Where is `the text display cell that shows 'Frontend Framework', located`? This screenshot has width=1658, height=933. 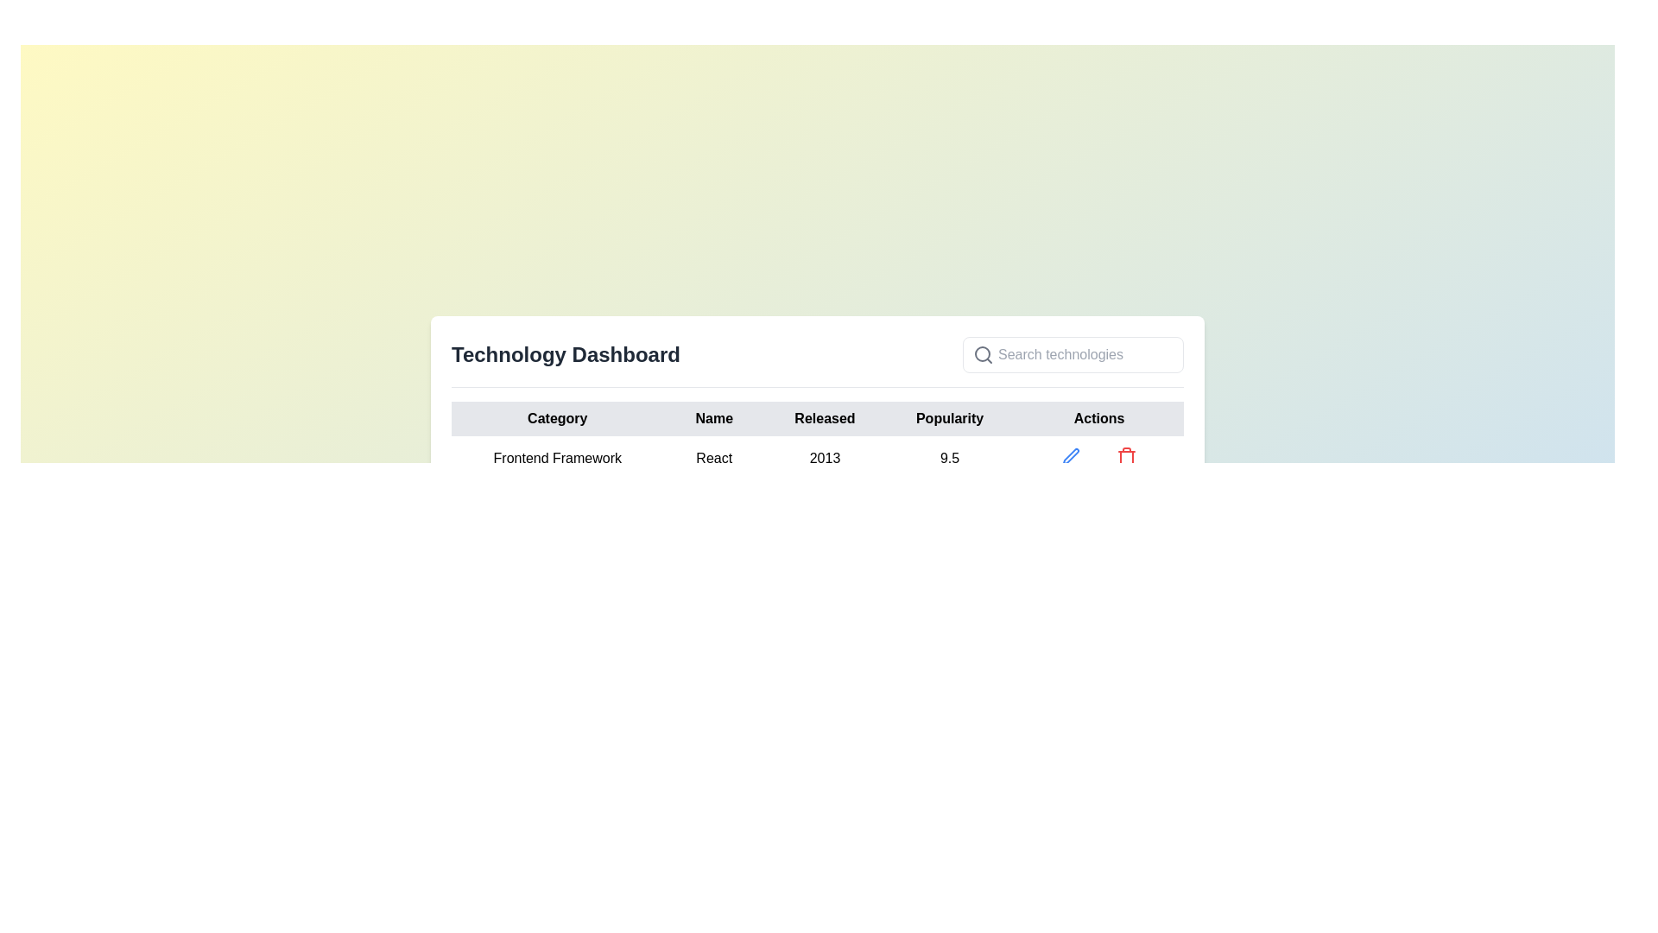 the text display cell that shows 'Frontend Framework', located is located at coordinates (557, 457).